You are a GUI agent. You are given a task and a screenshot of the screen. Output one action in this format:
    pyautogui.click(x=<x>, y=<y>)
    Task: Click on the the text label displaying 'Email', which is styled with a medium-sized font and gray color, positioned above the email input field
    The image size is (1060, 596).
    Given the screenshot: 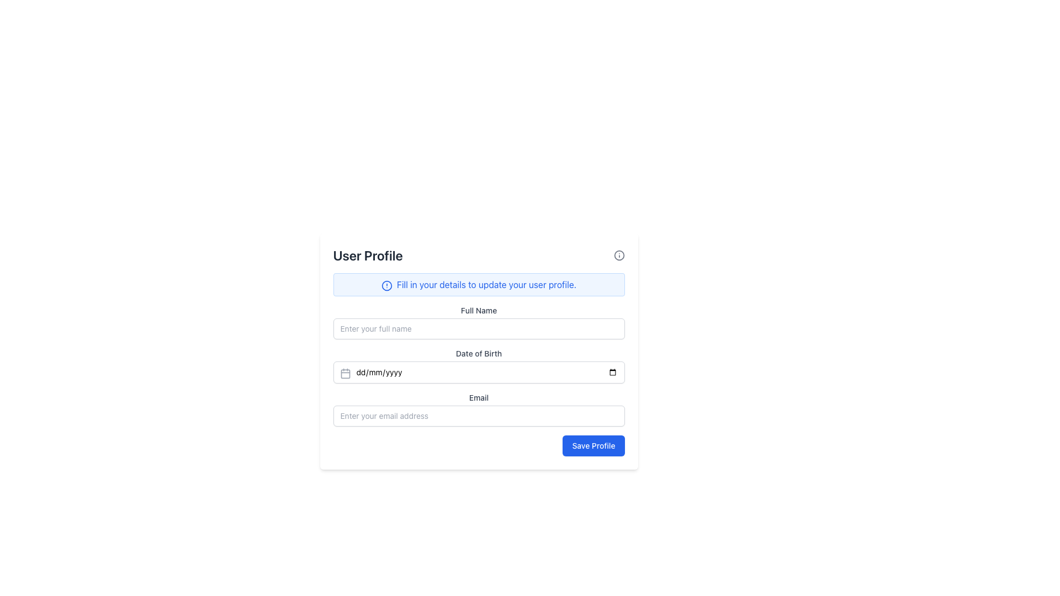 What is the action you would take?
    pyautogui.click(x=479, y=398)
    